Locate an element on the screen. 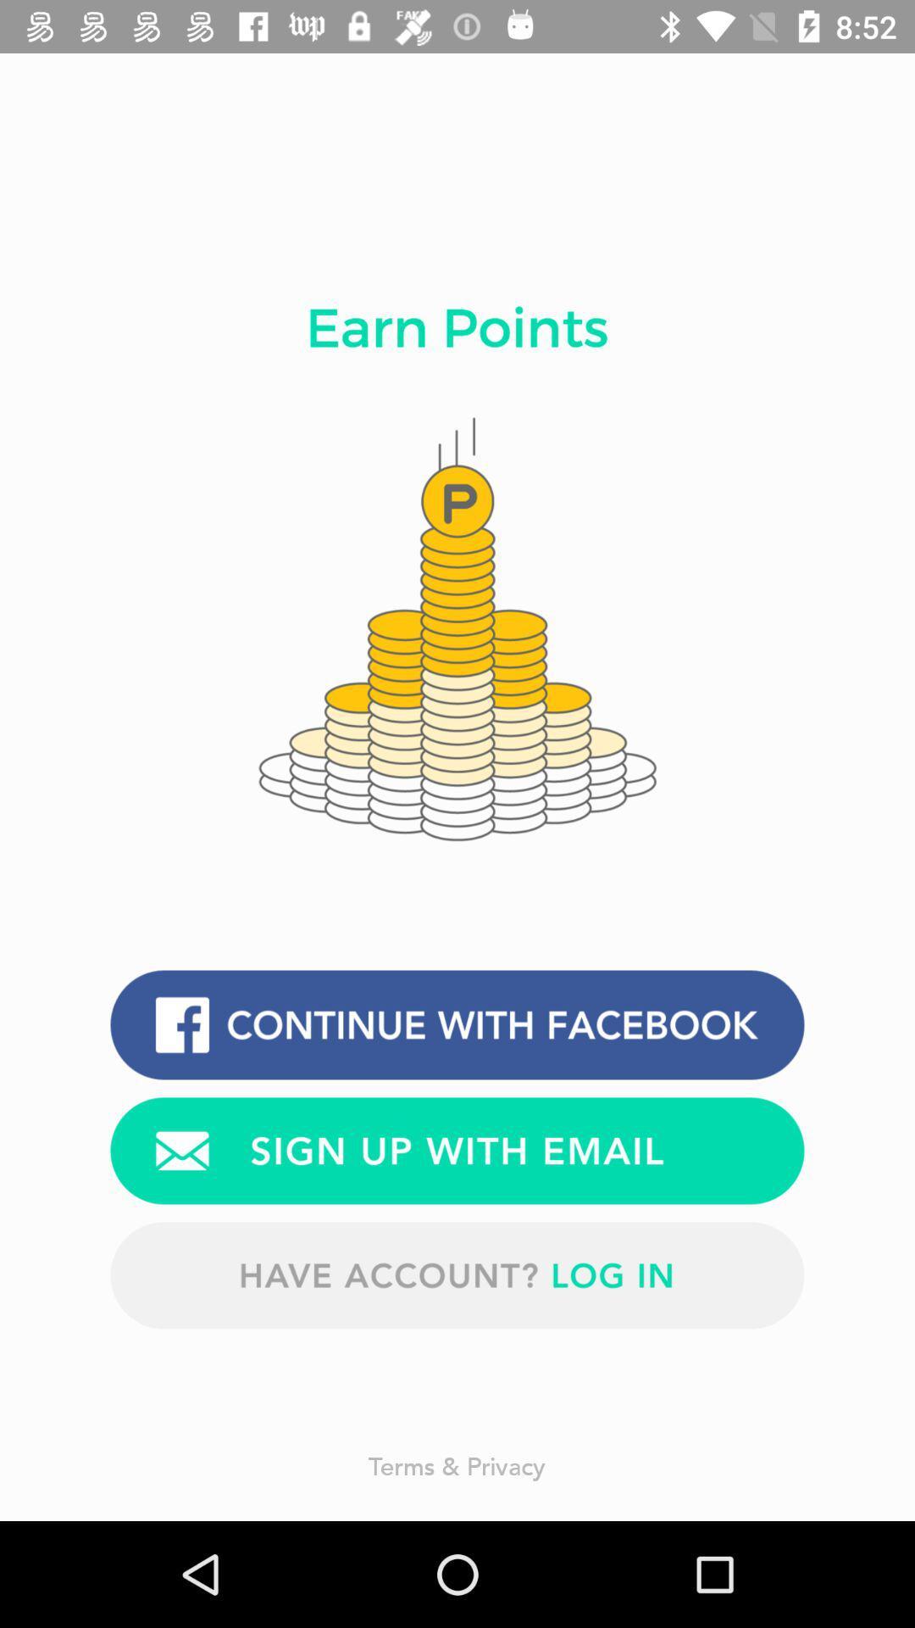 The image size is (915, 1628). the item below log in with item is located at coordinates (457, 1151).